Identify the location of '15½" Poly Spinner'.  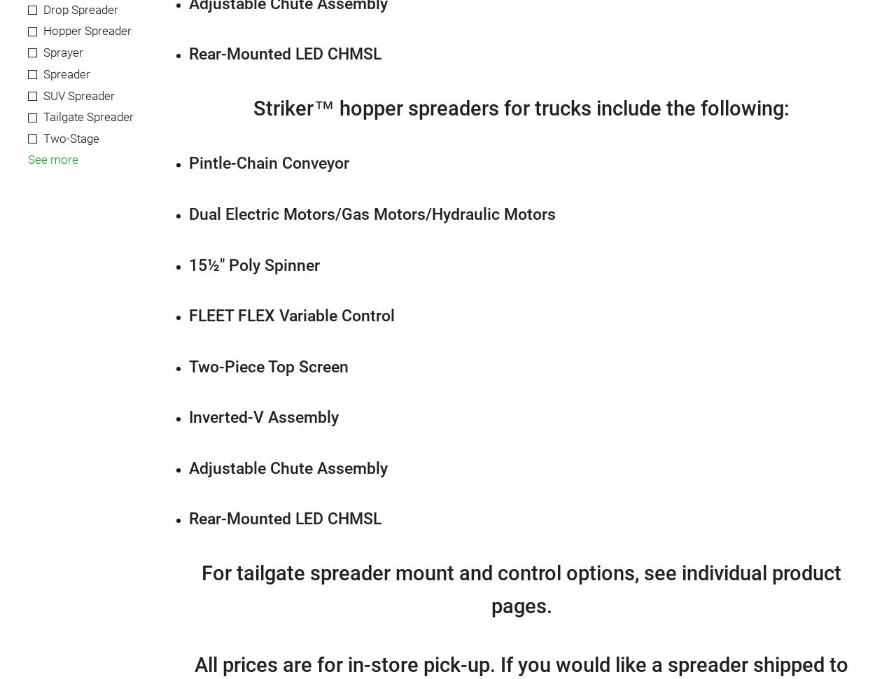
(254, 264).